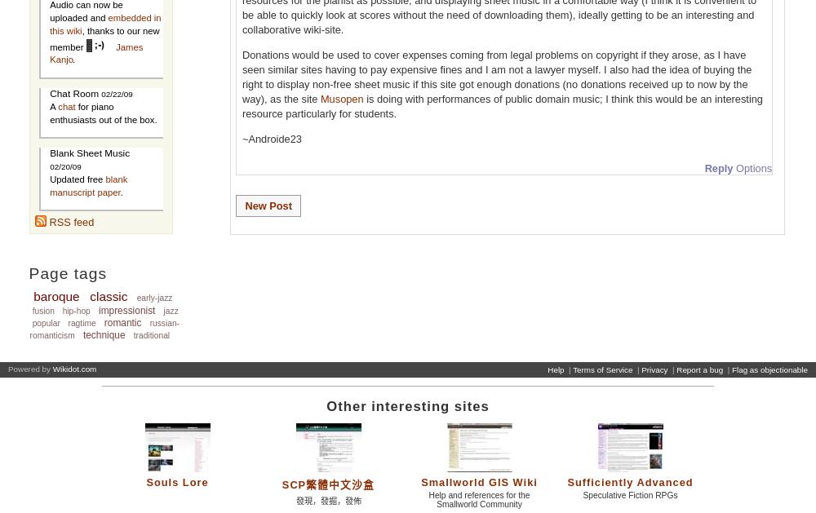  Describe the element at coordinates (769, 369) in the screenshot. I see `'Flag as objectionable'` at that location.